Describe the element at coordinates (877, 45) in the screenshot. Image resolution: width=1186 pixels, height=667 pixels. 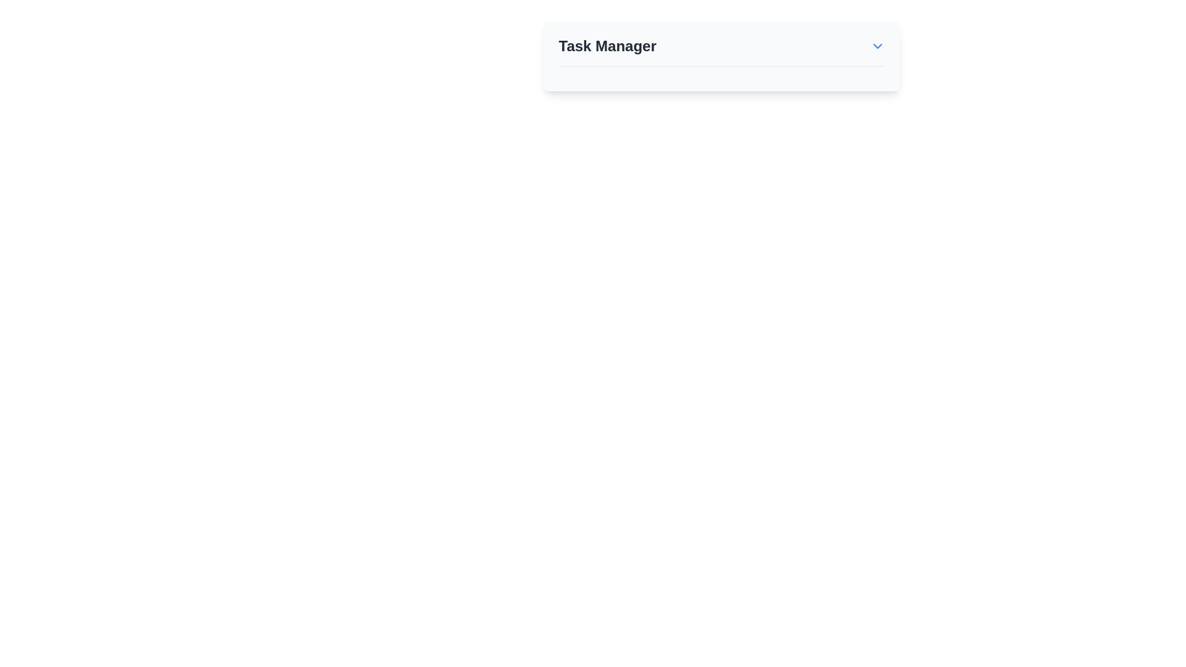
I see `the chevron-down icon button in the Task Manager section` at that location.